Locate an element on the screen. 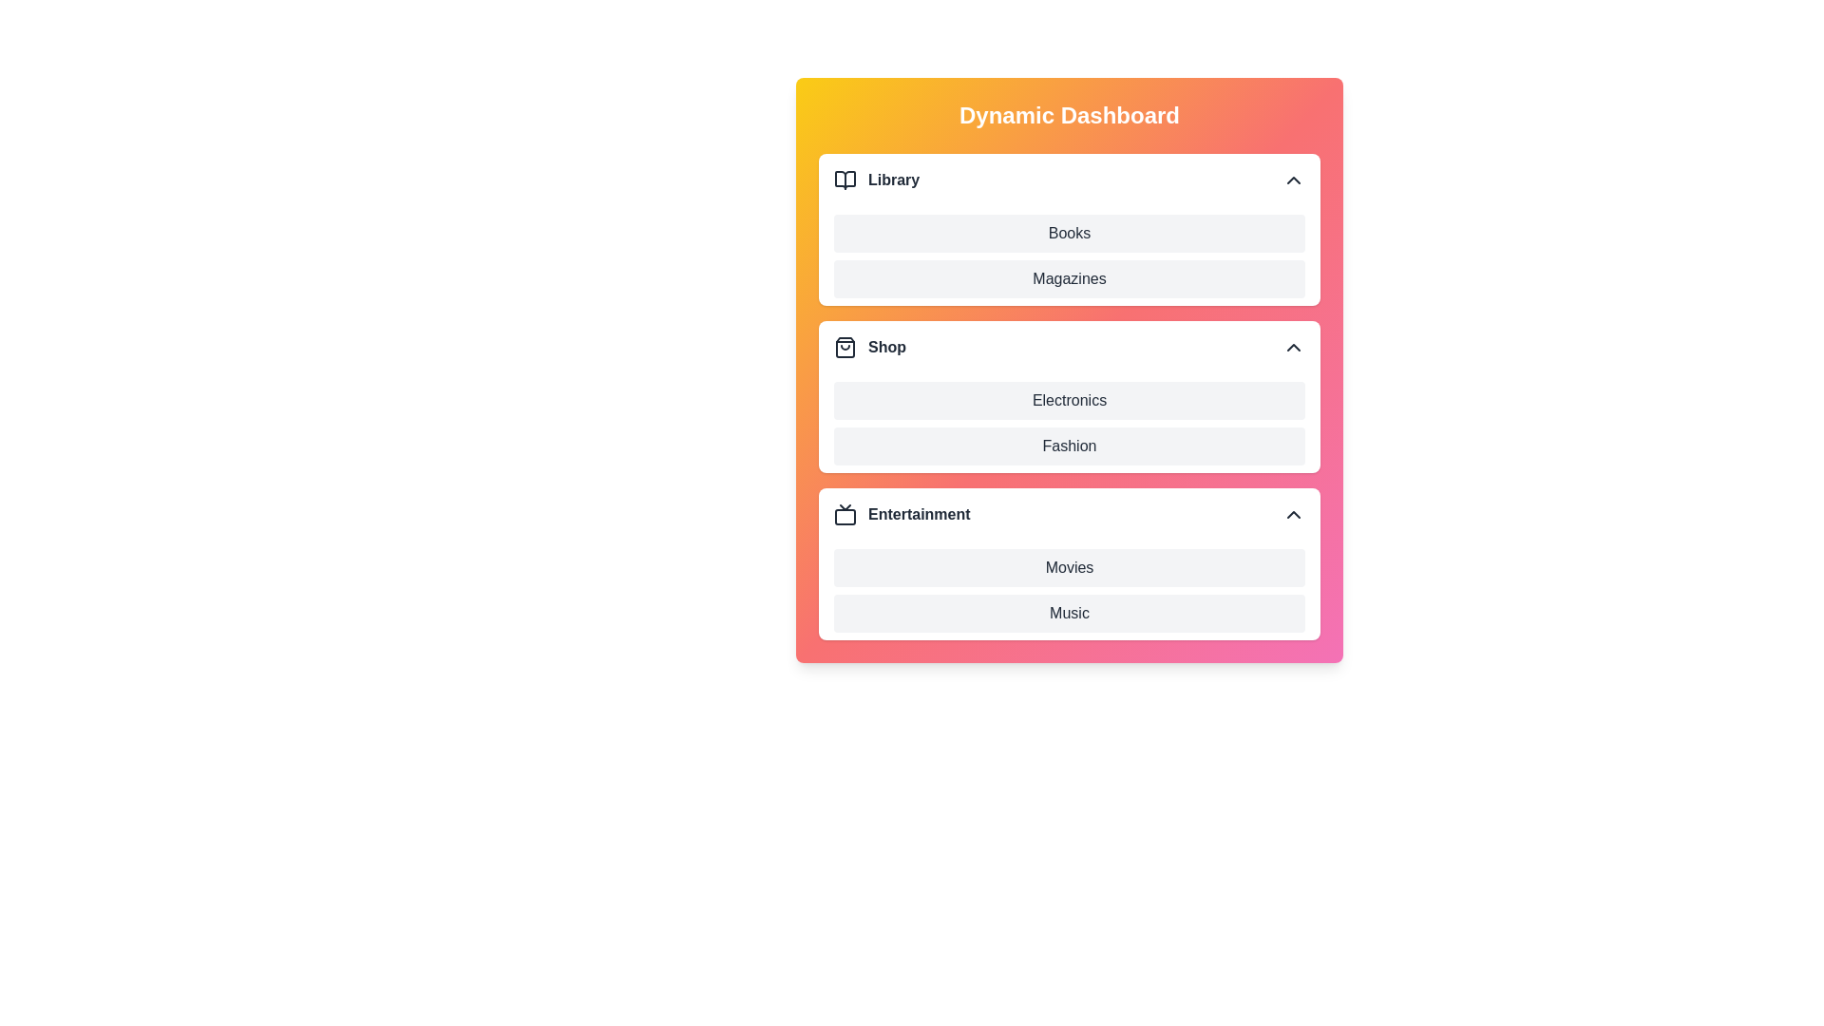 This screenshot has height=1026, width=1824. the item Fashion in the section Shop is located at coordinates (834, 446).